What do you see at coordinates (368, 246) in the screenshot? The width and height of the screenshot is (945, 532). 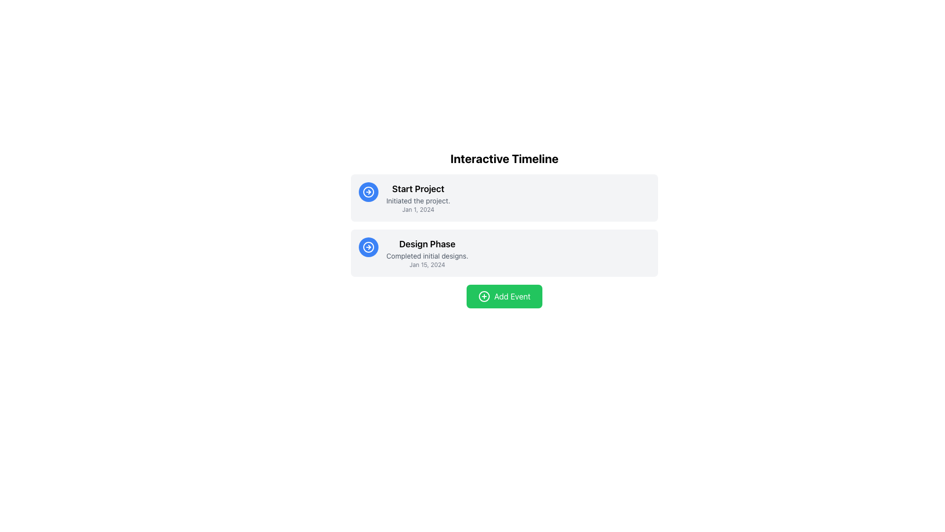 I see `the circular icon with a blue background and a white arrow pointing to the right, located to the far left of the 'Design Phase' card in the timeline interface` at bounding box center [368, 246].